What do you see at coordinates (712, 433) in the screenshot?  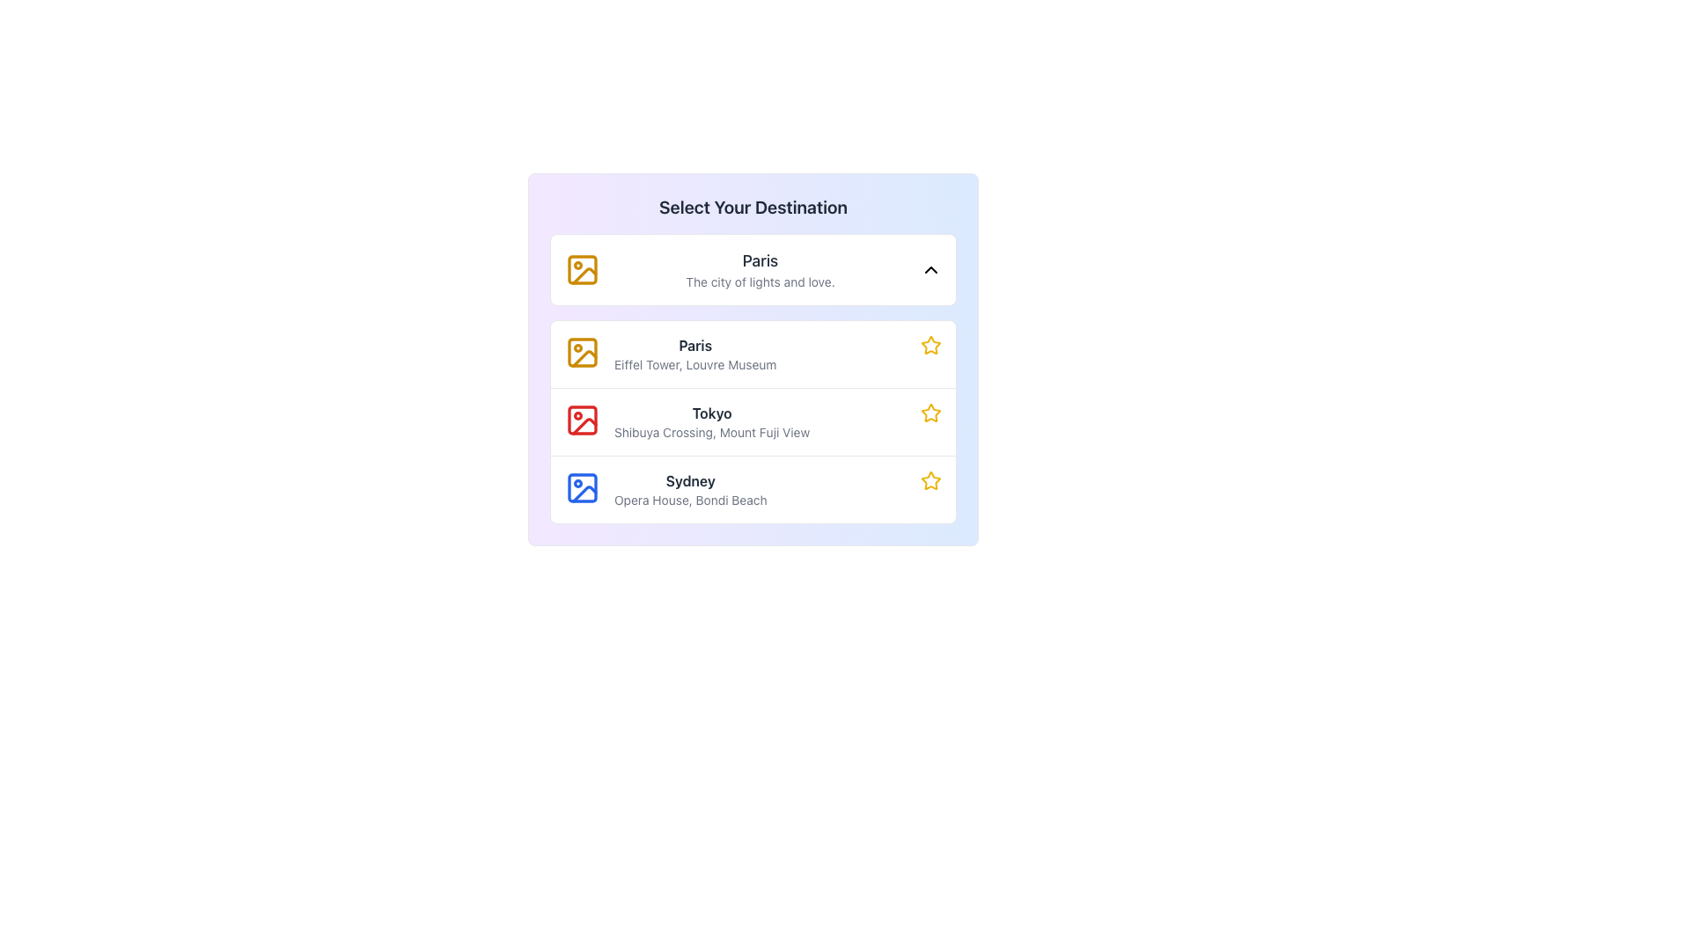 I see `the text element that reads 'Shibuya Crossing, Mount Fuji View', which is styled with a smaller font size and gray color, positioned below the text 'Tokyo' in the list of destinations` at bounding box center [712, 433].